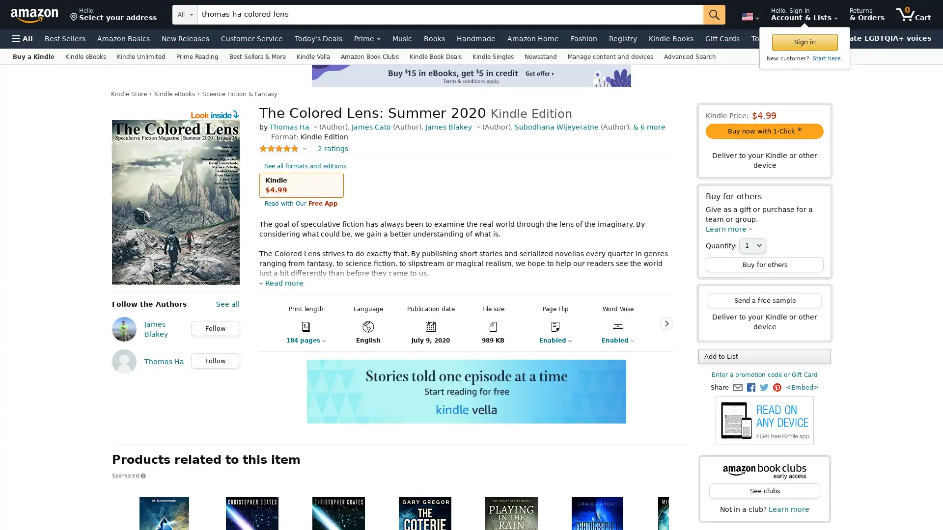 The image size is (943, 530). What do you see at coordinates (555, 340) in the screenshot?
I see `Enabled` at bounding box center [555, 340].